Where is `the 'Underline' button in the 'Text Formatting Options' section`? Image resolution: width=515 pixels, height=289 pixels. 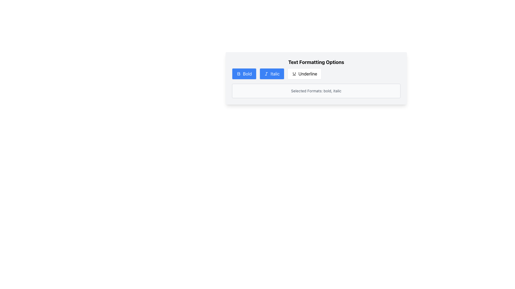
the 'Underline' button in the 'Text Formatting Options' section is located at coordinates (316, 78).